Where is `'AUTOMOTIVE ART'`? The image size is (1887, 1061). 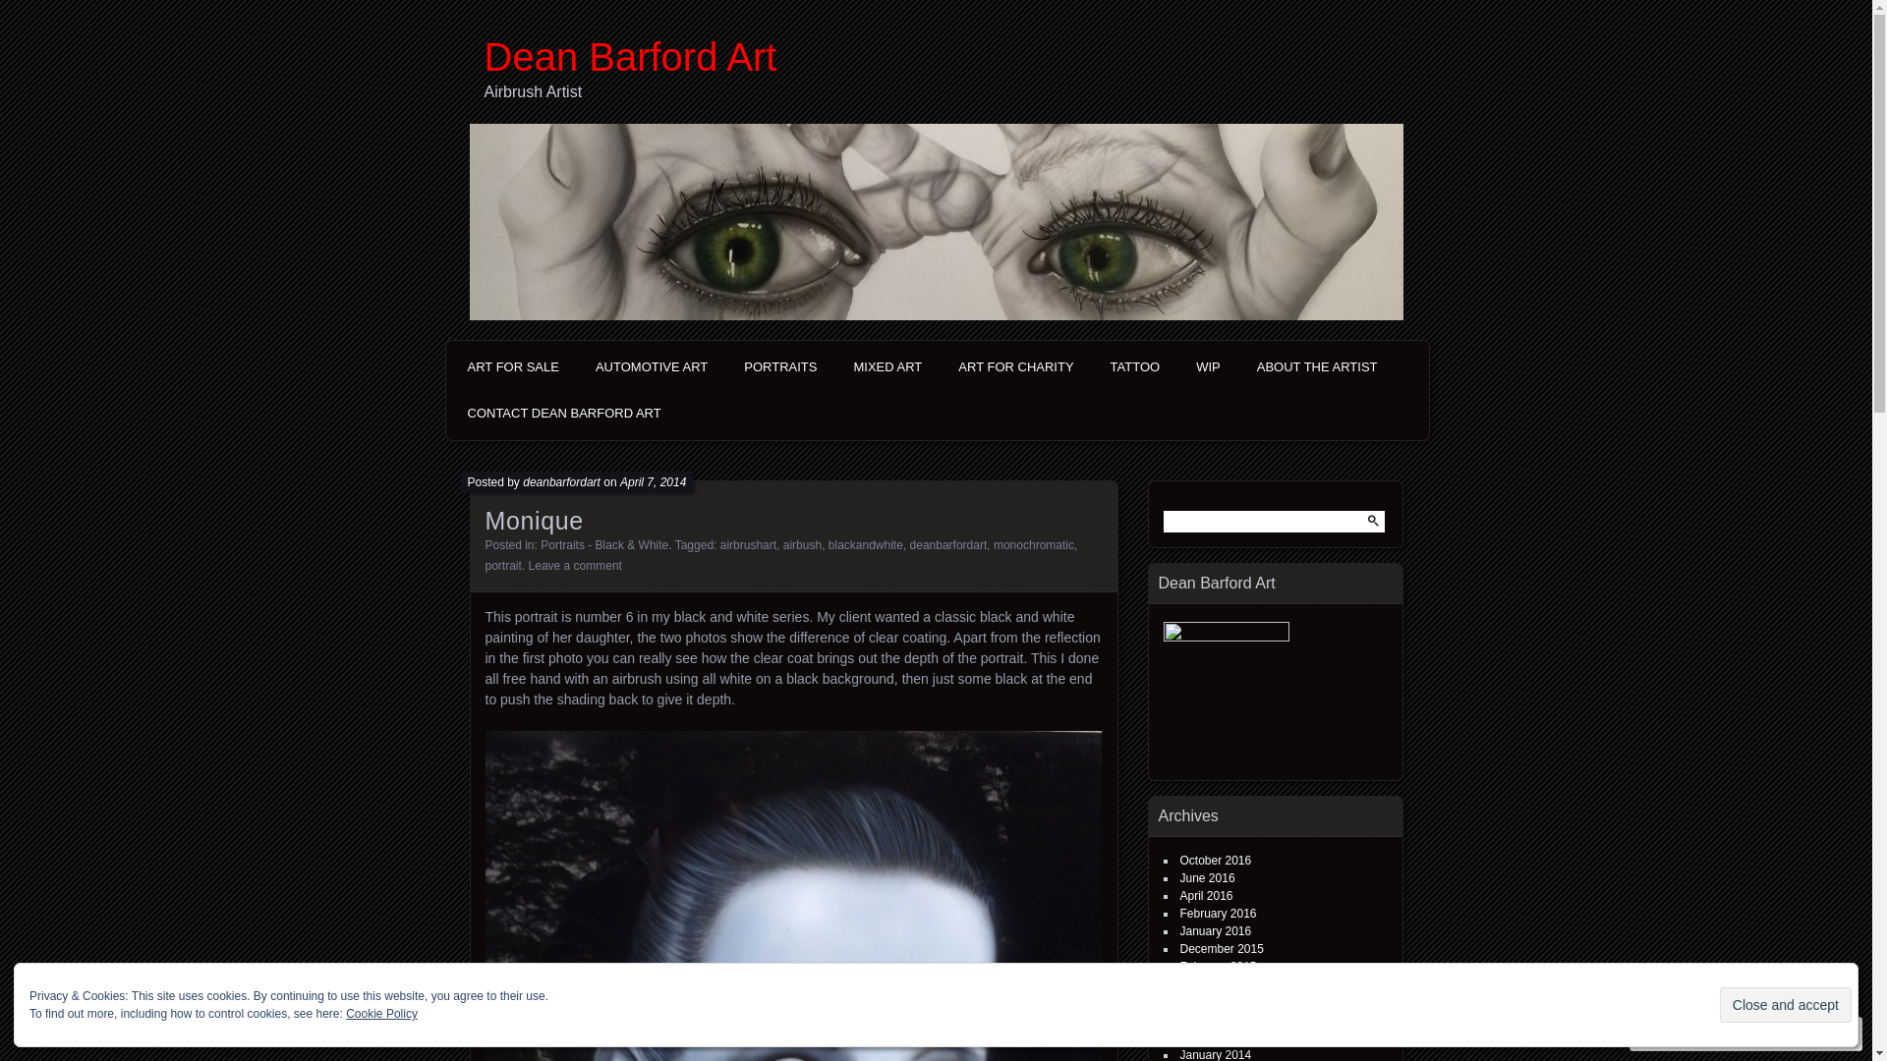
'AUTOMOTIVE ART' is located at coordinates (579, 367).